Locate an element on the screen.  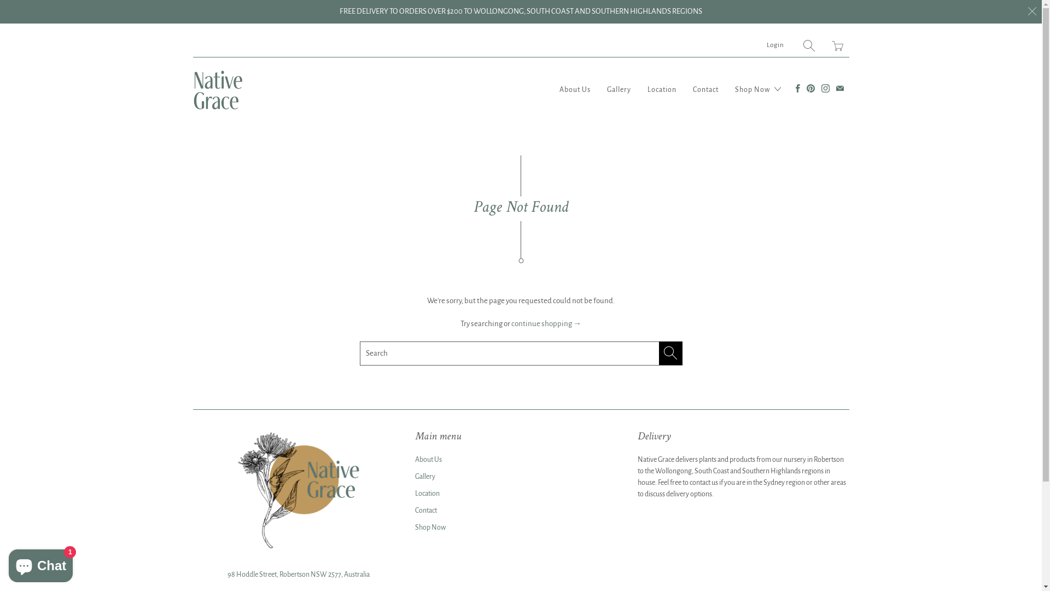
'Shop Now' is located at coordinates (757, 89).